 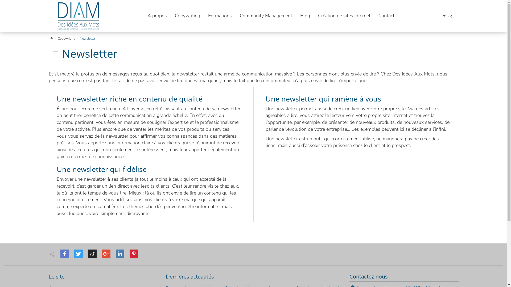 I want to click on 'Pinterest', so click(x=134, y=254).